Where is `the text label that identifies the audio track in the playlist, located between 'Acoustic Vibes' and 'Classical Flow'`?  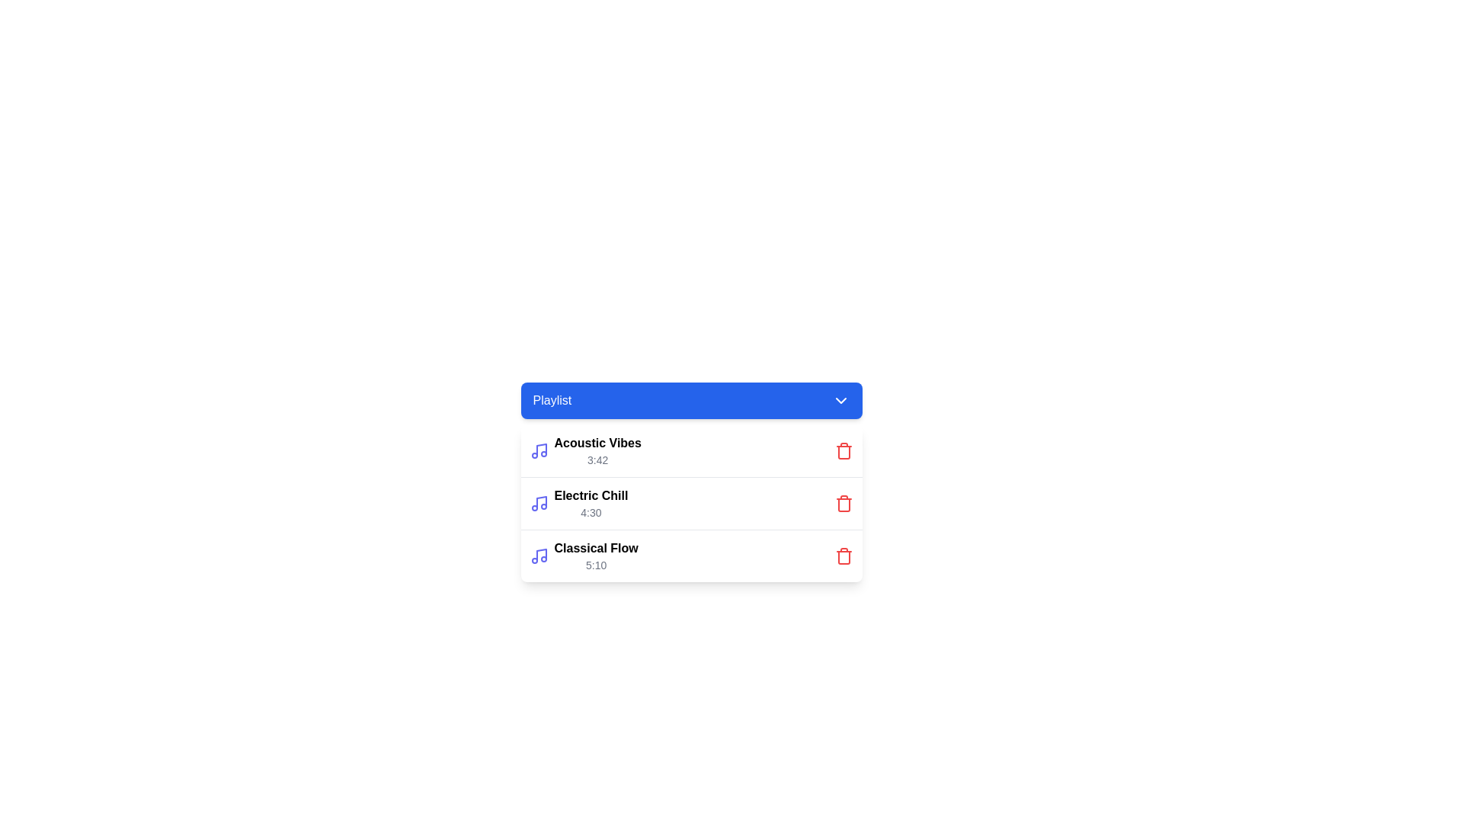 the text label that identifies the audio track in the playlist, located between 'Acoustic Vibes' and 'Classical Flow' is located at coordinates (590, 496).